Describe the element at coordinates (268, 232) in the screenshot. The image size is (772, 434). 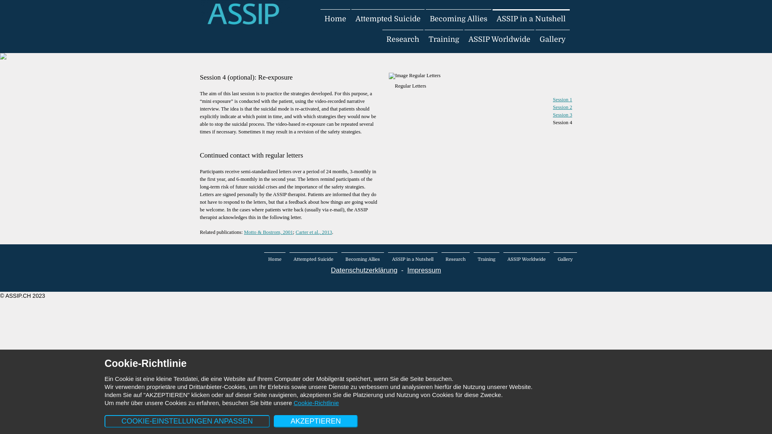
I see `'Motto & Bostrom, 2001'` at that location.